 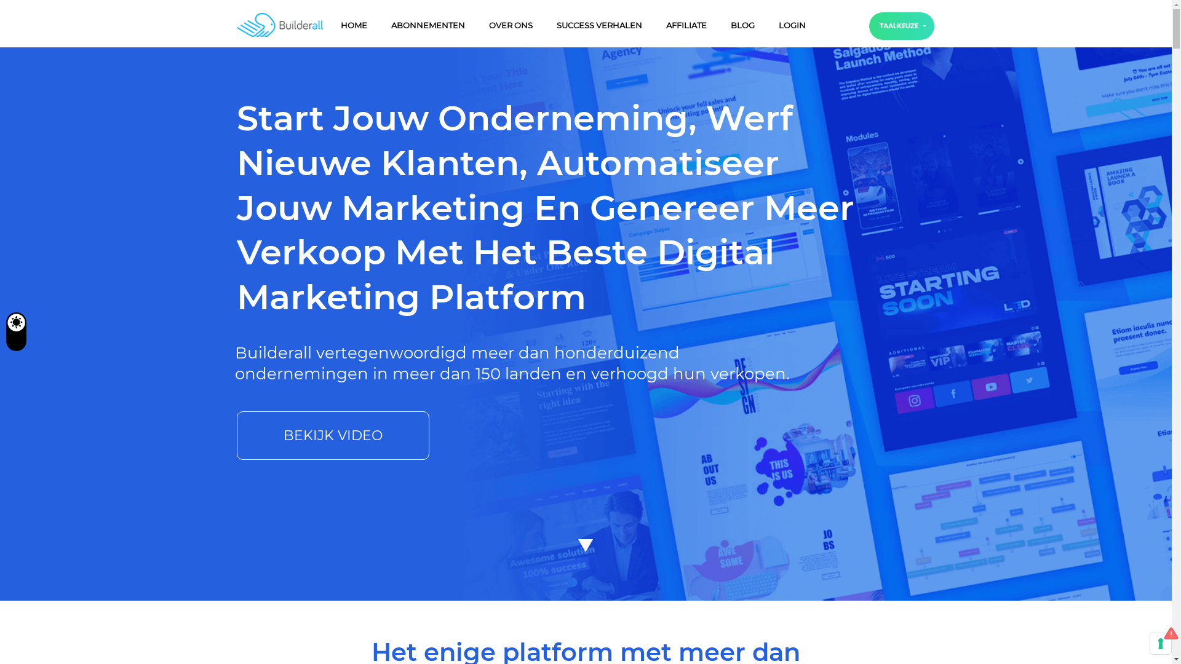 What do you see at coordinates (599, 25) in the screenshot?
I see `'SUCCESS VERHALEN'` at bounding box center [599, 25].